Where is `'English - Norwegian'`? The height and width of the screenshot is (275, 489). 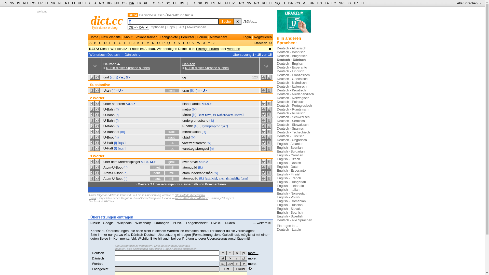 'English - Norwegian' is located at coordinates (292, 193).